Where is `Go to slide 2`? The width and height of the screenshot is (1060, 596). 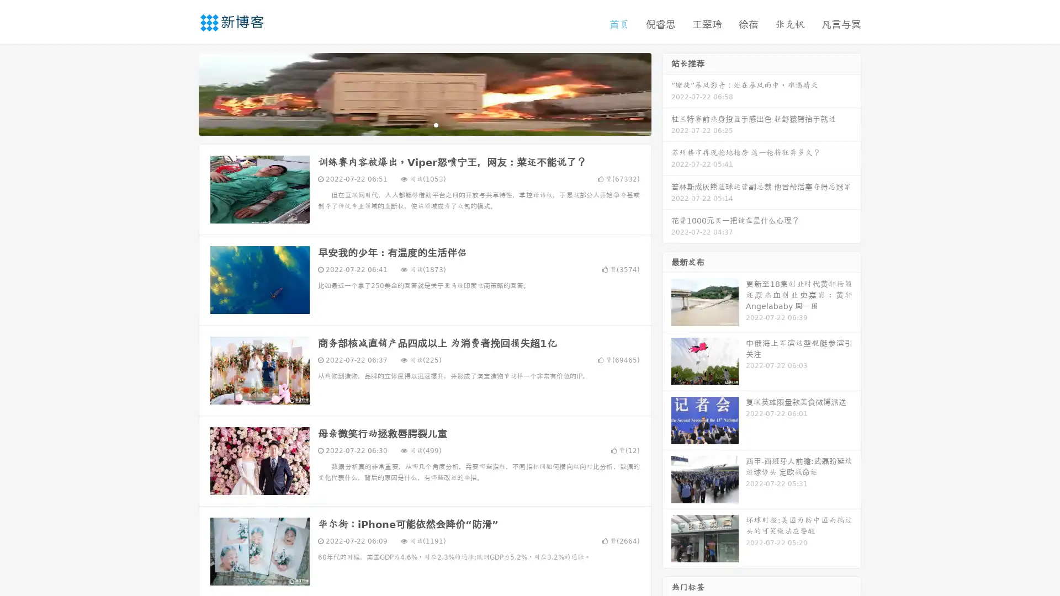
Go to slide 2 is located at coordinates (424, 124).